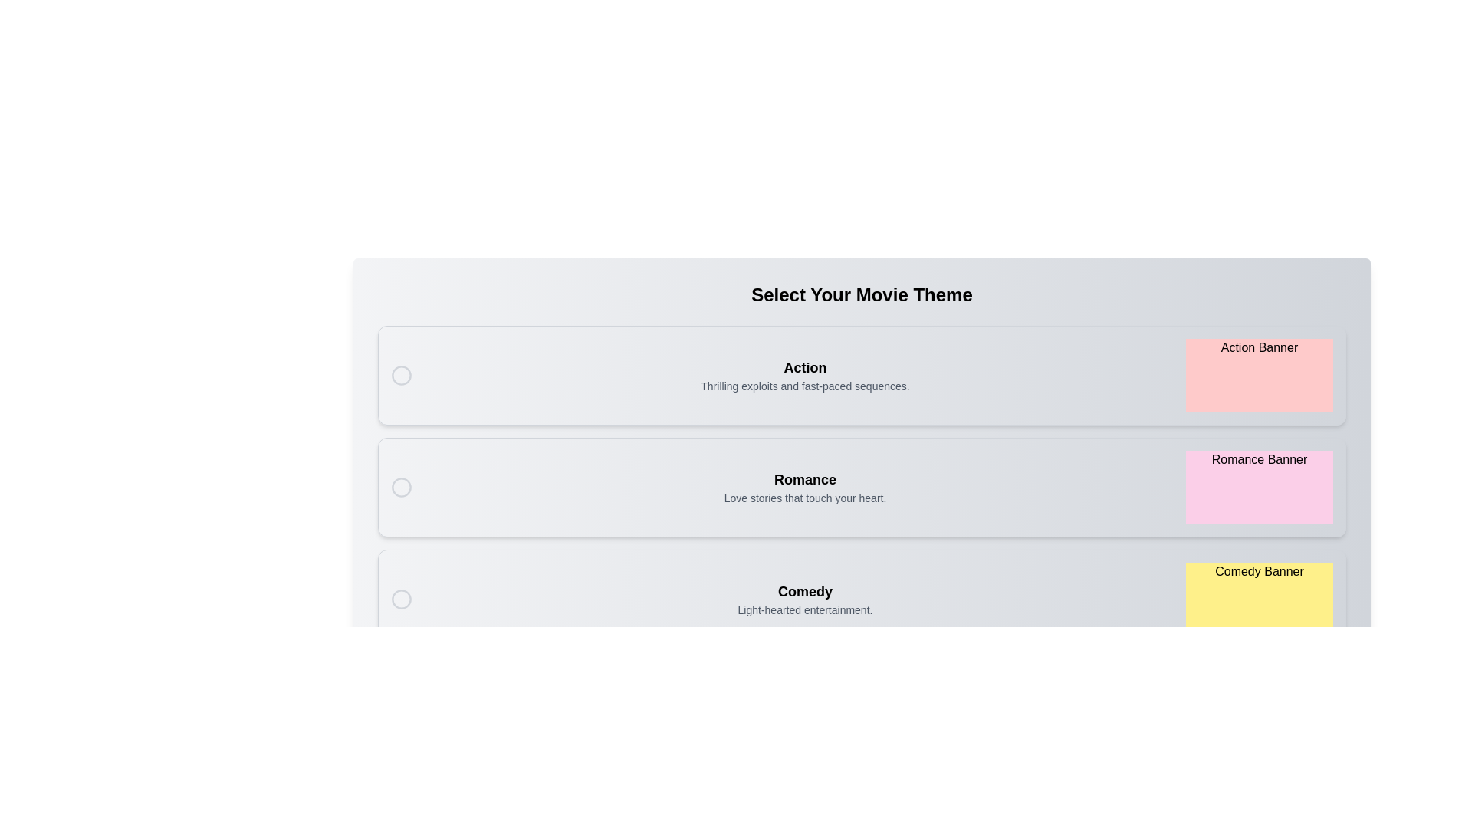  What do you see at coordinates (401, 488) in the screenshot?
I see `the radio button for the 'Romance' option, which is a circular selection marker located in the middle section of a vertical list layout` at bounding box center [401, 488].